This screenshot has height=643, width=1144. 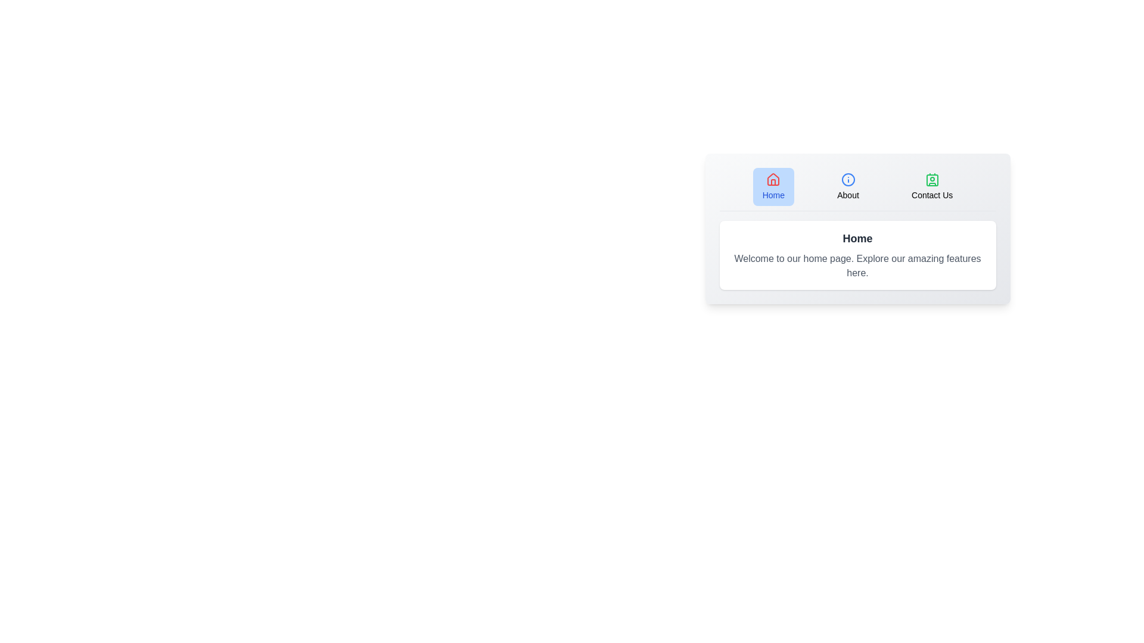 What do you see at coordinates (931, 186) in the screenshot?
I see `the Contact Us tab by clicking on its respective icon or title` at bounding box center [931, 186].